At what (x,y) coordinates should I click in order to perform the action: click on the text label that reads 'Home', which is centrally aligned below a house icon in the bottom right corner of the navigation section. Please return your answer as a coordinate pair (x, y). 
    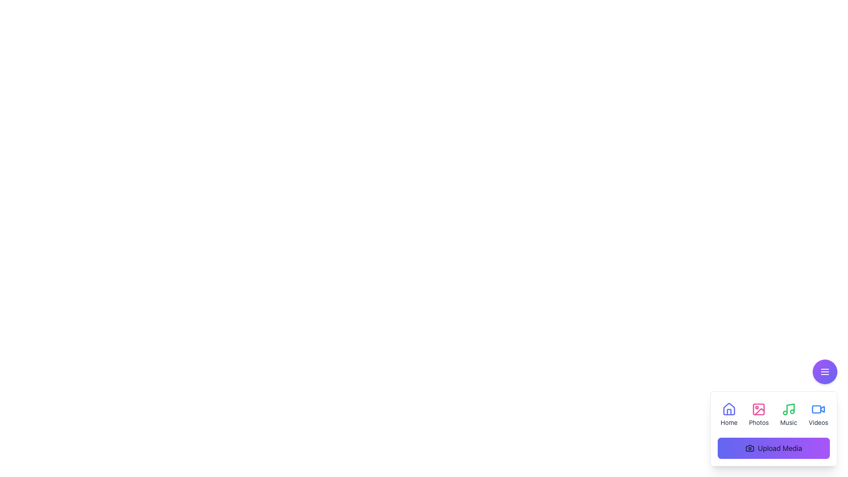
    Looking at the image, I should click on (729, 422).